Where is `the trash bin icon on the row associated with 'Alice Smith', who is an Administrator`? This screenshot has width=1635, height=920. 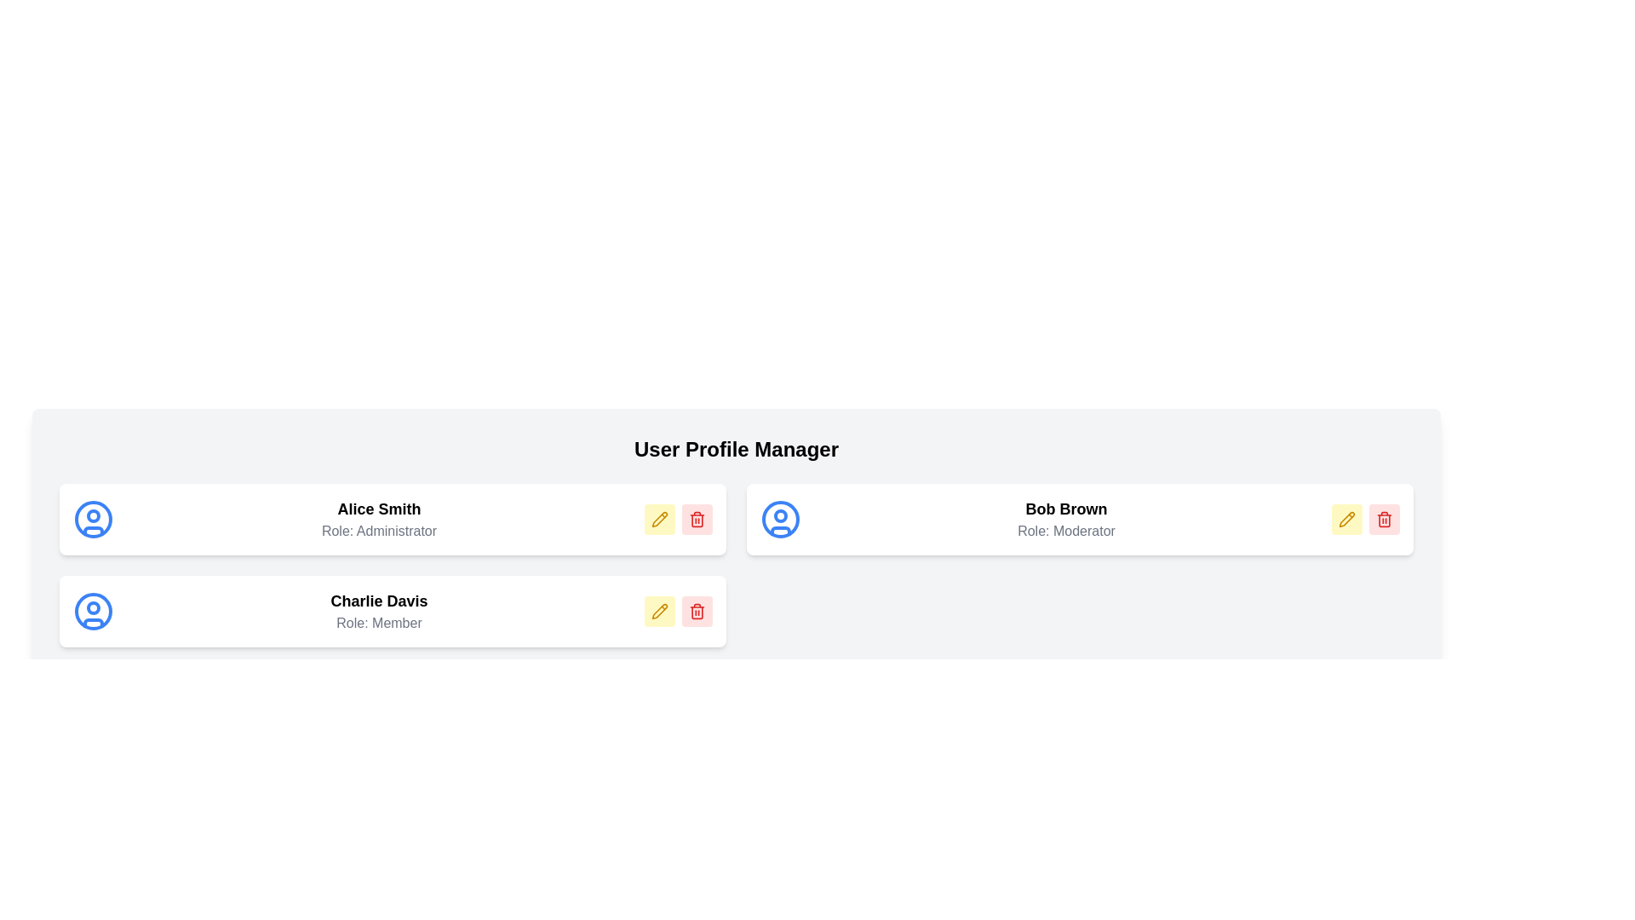
the trash bin icon on the row associated with 'Alice Smith', who is an Administrator is located at coordinates (697, 518).